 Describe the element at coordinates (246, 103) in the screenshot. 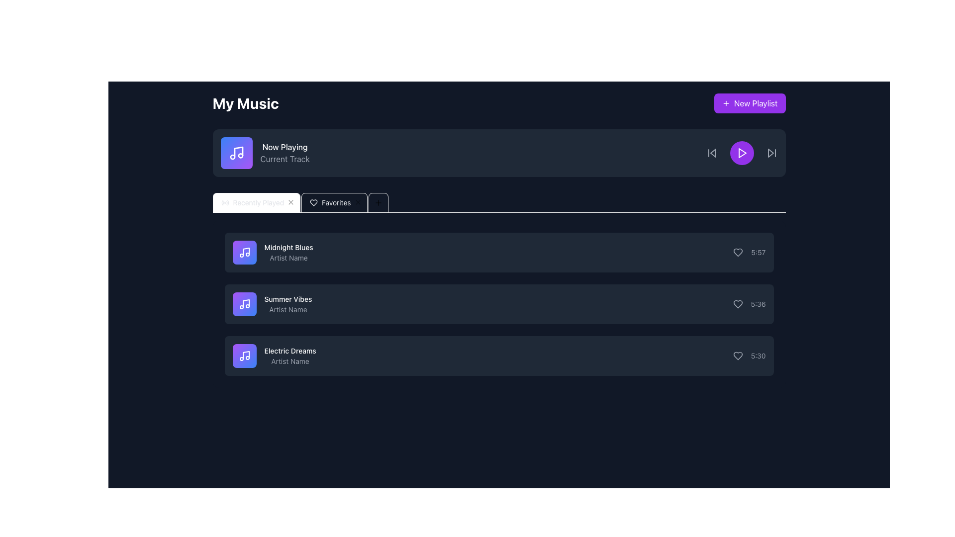

I see `the static text element displaying 'My Music' in bold, large-sized white font located on the top-left side of the interface` at that location.